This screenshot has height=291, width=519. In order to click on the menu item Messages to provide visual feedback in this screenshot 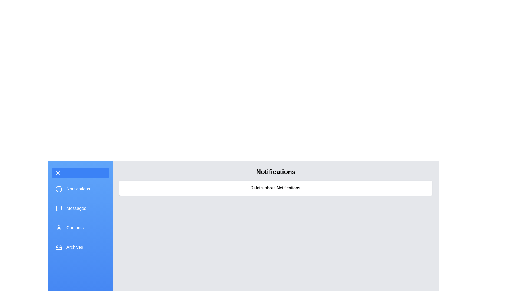, I will do `click(80, 208)`.